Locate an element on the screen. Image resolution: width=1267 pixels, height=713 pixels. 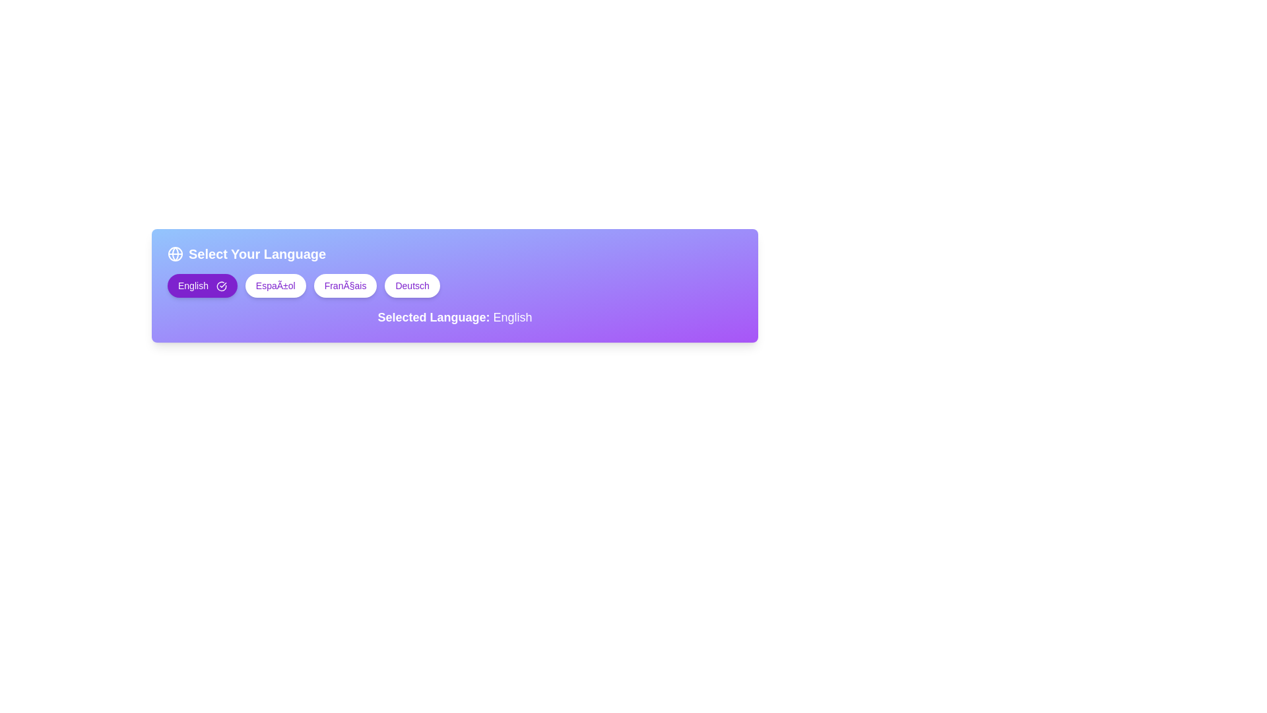
the rounded button labeled 'Español' to observe its hover effect, which enlarges the button slightly is located at coordinates (275, 285).